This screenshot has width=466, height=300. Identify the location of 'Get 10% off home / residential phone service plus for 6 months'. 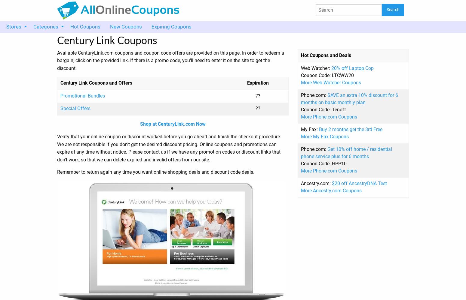
(346, 152).